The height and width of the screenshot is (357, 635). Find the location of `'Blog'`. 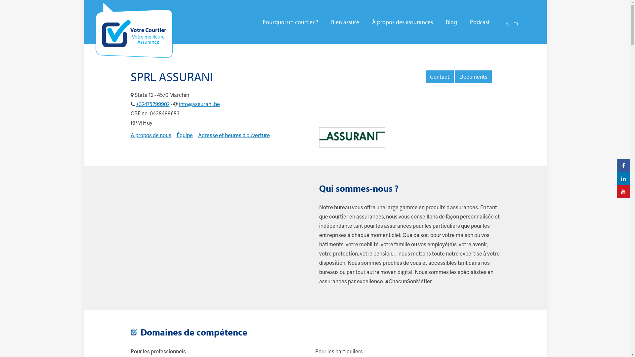

'Blog' is located at coordinates (451, 21).